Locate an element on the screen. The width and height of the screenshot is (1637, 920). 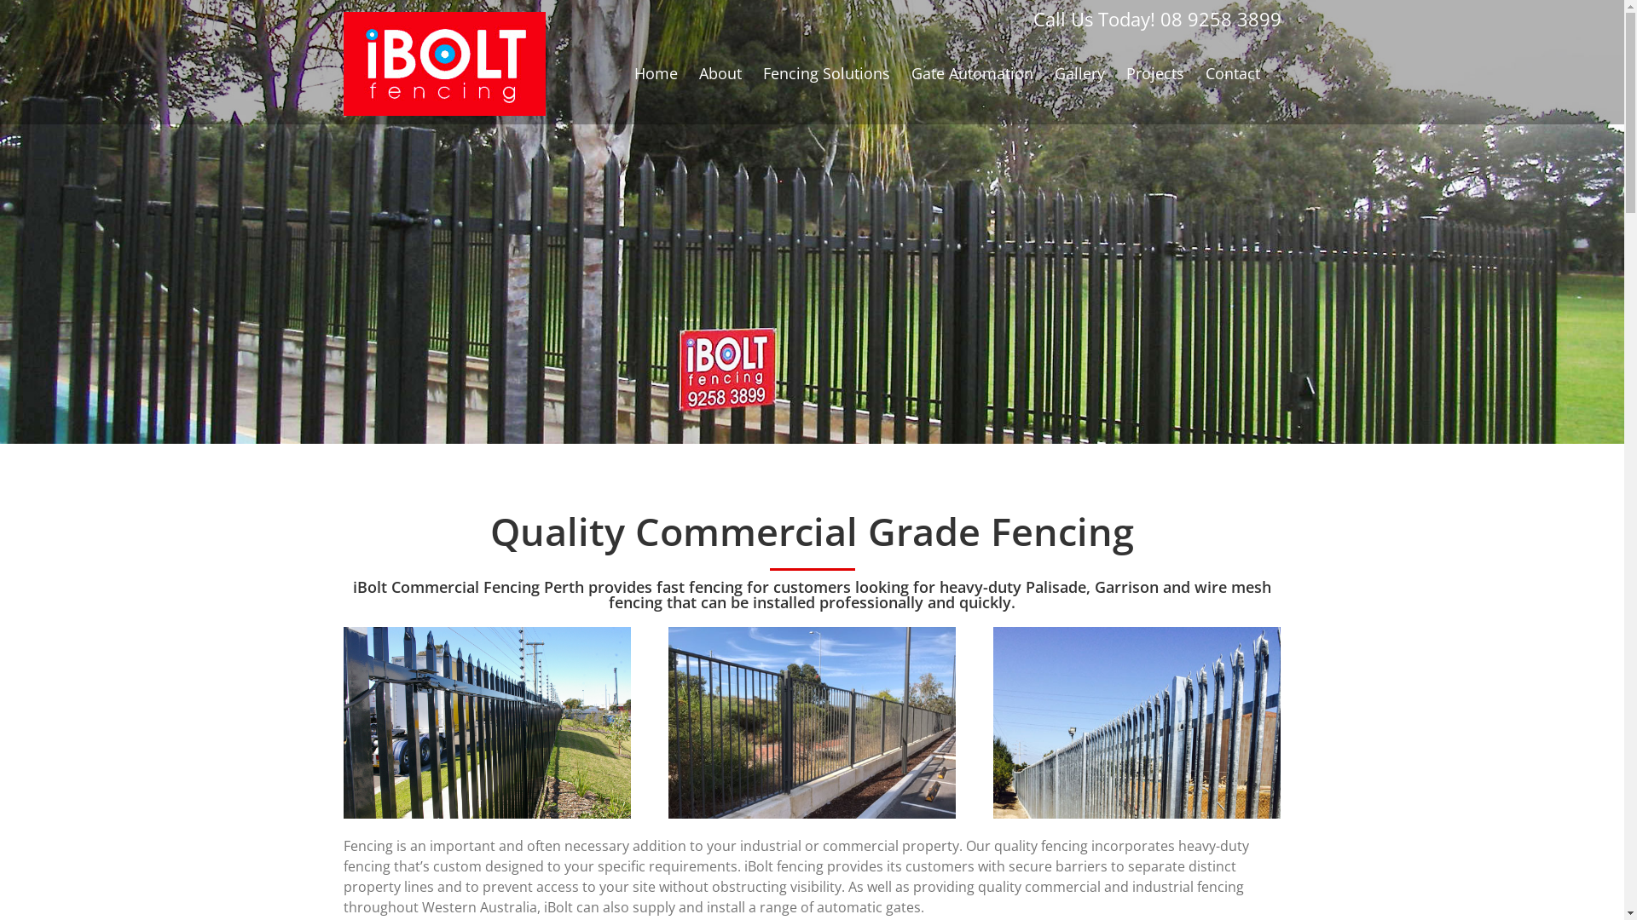
'Fencing Solutions' is located at coordinates (761, 72).